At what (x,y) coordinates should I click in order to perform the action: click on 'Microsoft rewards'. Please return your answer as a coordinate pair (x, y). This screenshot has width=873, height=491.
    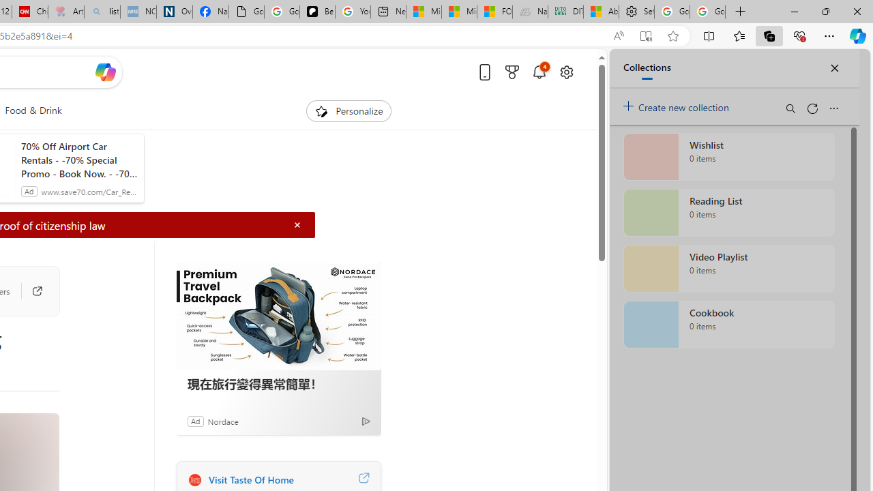
    Looking at the image, I should click on (511, 72).